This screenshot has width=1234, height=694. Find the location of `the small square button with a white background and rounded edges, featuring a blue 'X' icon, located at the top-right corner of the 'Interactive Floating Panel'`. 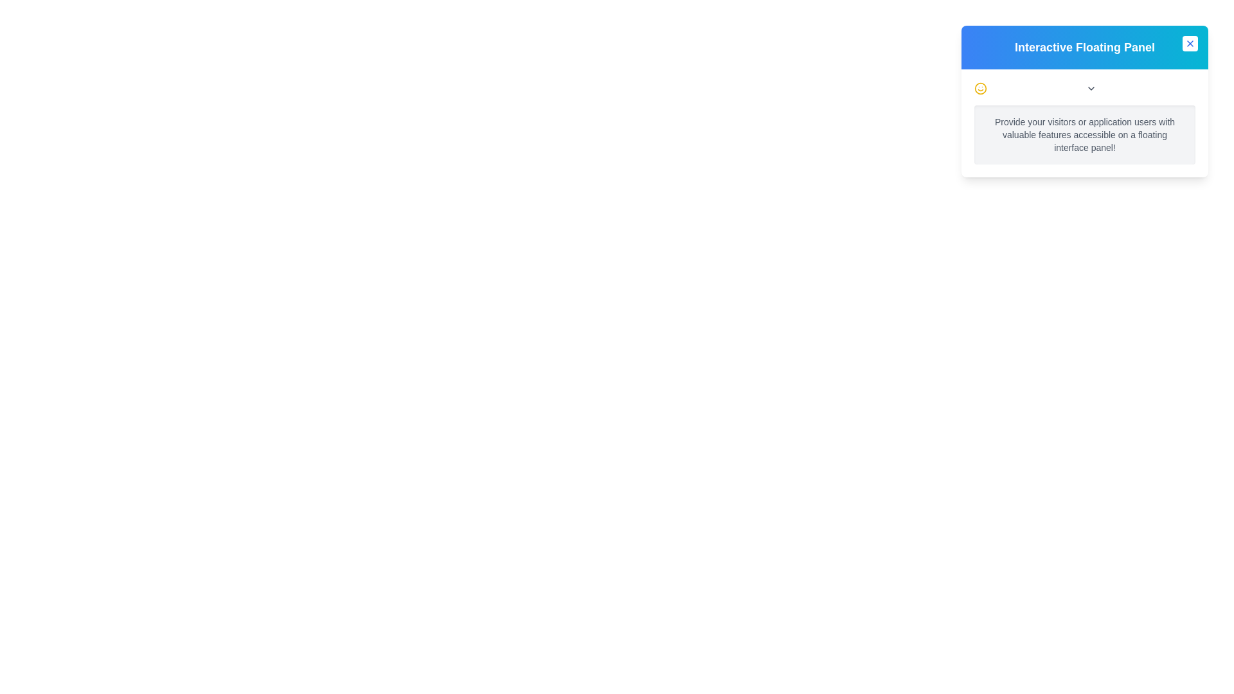

the small square button with a white background and rounded edges, featuring a blue 'X' icon, located at the top-right corner of the 'Interactive Floating Panel' is located at coordinates (1190, 43).